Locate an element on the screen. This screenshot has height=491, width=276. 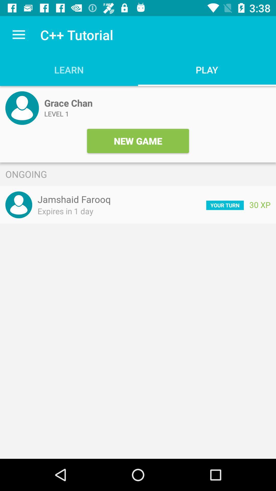
the avatar icon is located at coordinates (22, 108).